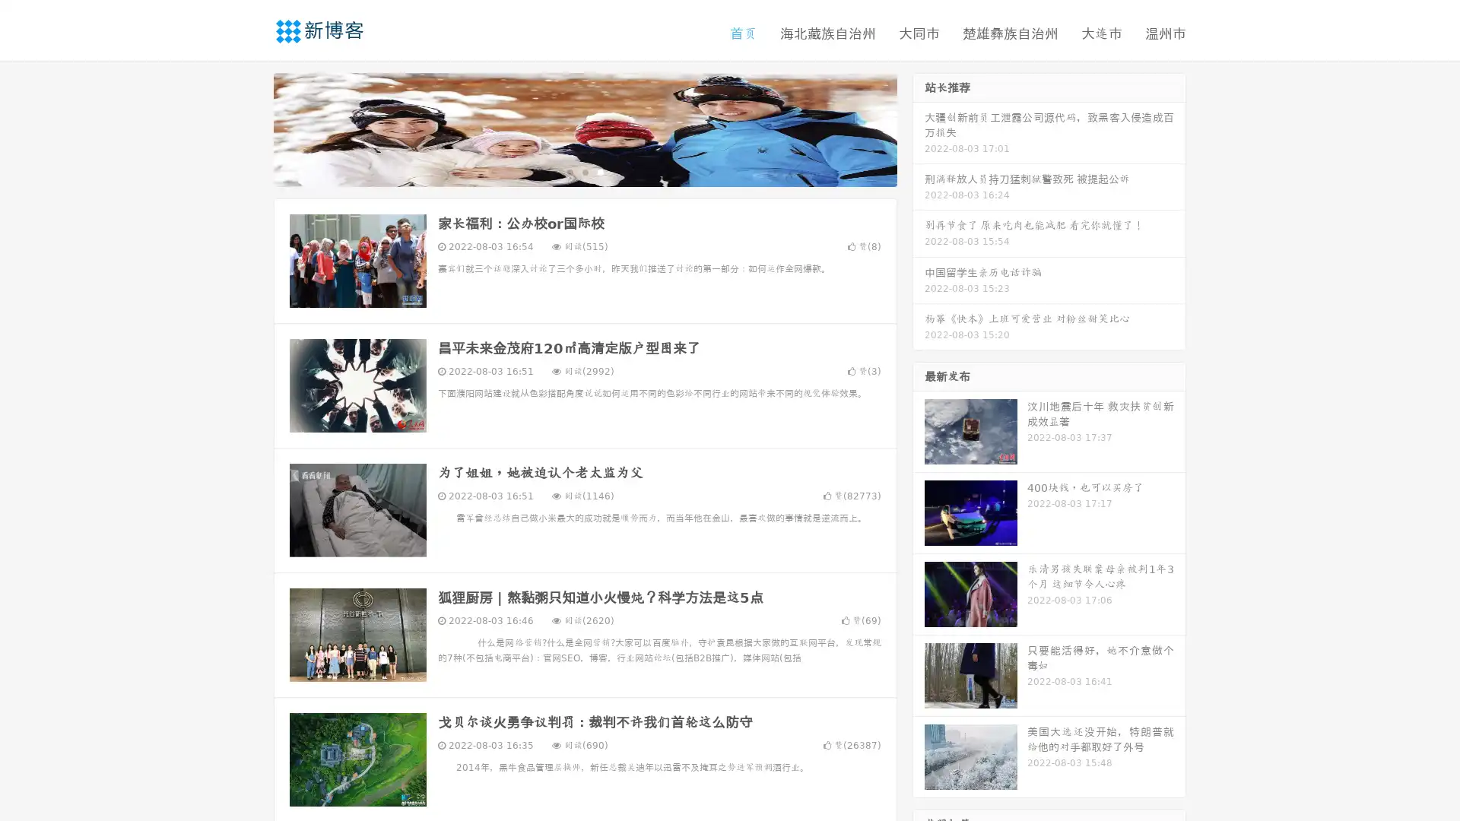  I want to click on Go to slide 1, so click(569, 171).